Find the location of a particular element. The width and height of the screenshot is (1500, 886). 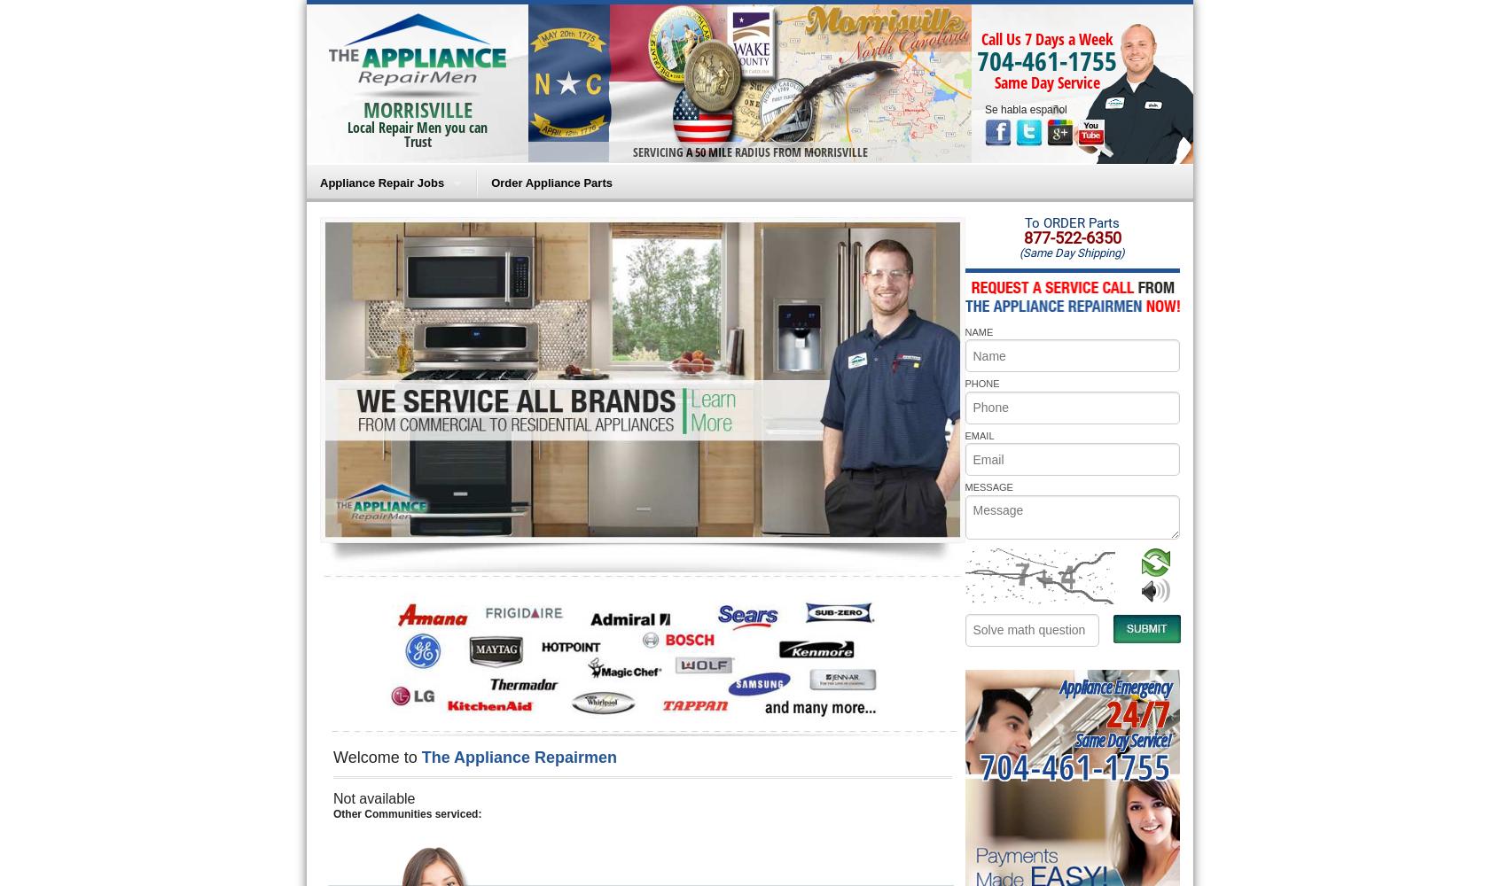

'Se habla español' is located at coordinates (1024, 109).